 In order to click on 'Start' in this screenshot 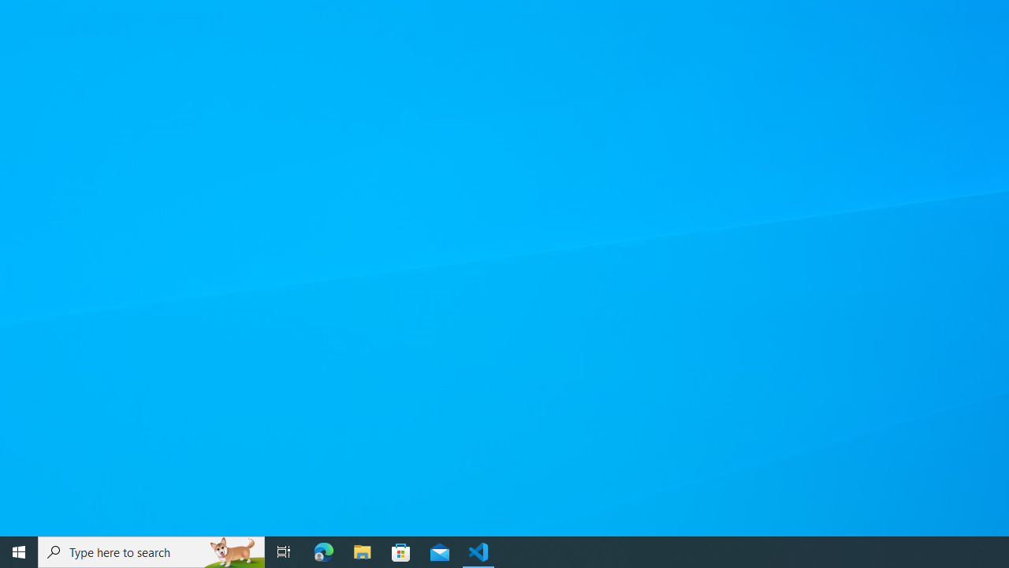, I will do `click(19, 551)`.